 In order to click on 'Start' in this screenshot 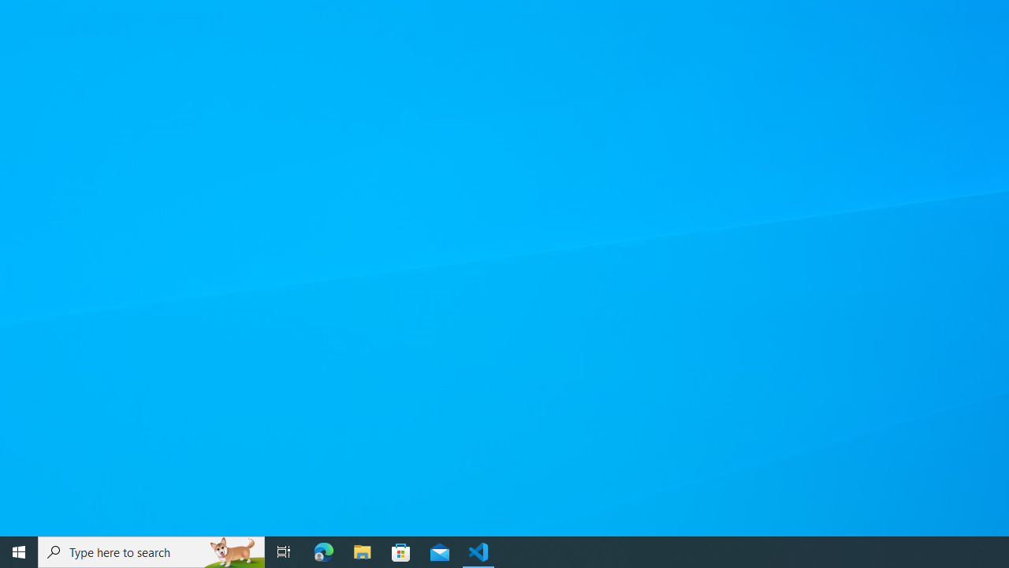, I will do `click(19, 551)`.